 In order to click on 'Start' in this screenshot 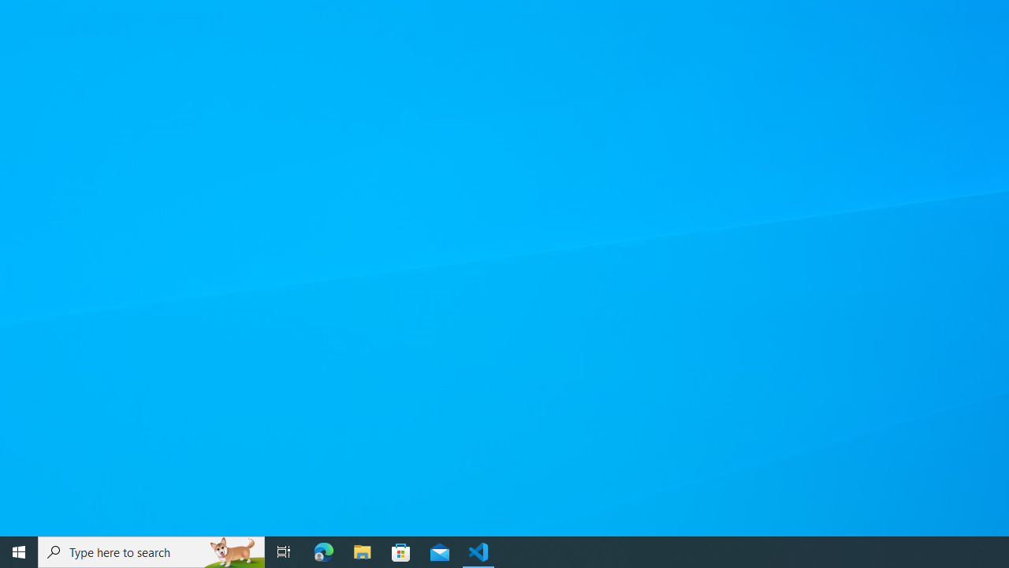, I will do `click(19, 551)`.